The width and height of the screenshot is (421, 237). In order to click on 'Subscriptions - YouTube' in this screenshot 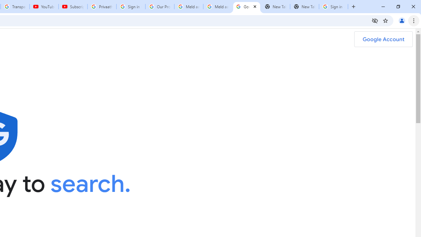, I will do `click(73, 7)`.